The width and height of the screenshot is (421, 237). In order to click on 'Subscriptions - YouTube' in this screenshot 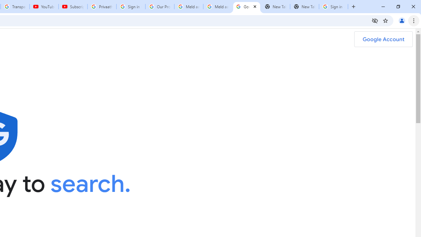, I will do `click(73, 7)`.